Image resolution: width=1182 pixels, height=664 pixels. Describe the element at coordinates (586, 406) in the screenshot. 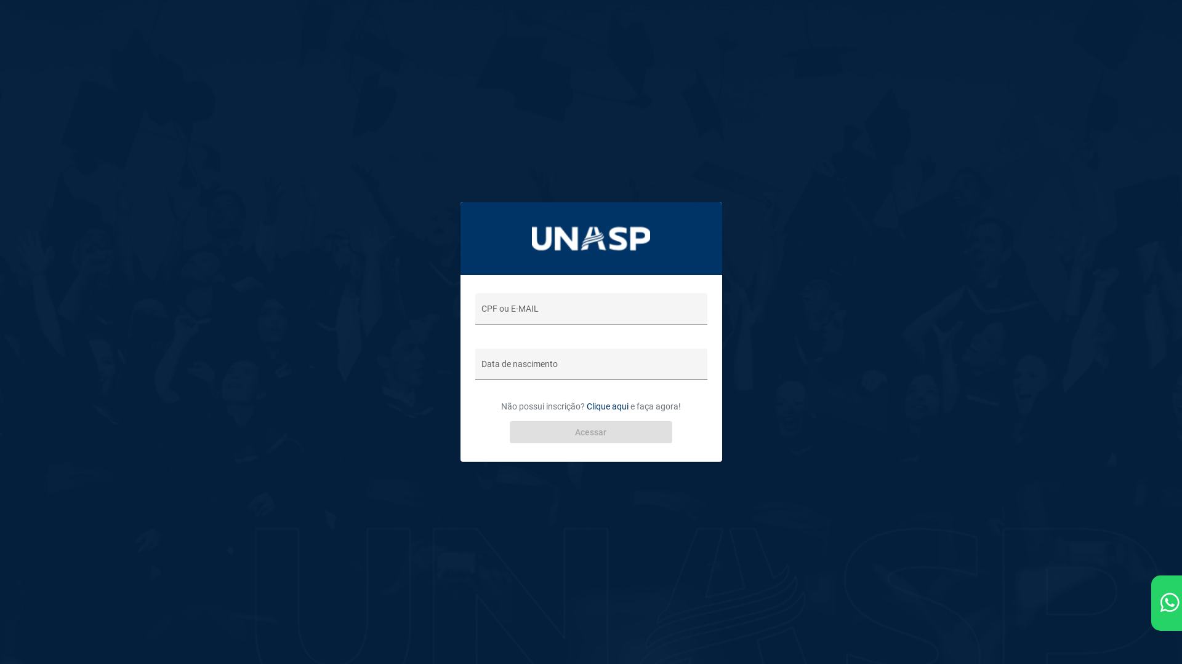

I see `'Clique aqui'` at that location.